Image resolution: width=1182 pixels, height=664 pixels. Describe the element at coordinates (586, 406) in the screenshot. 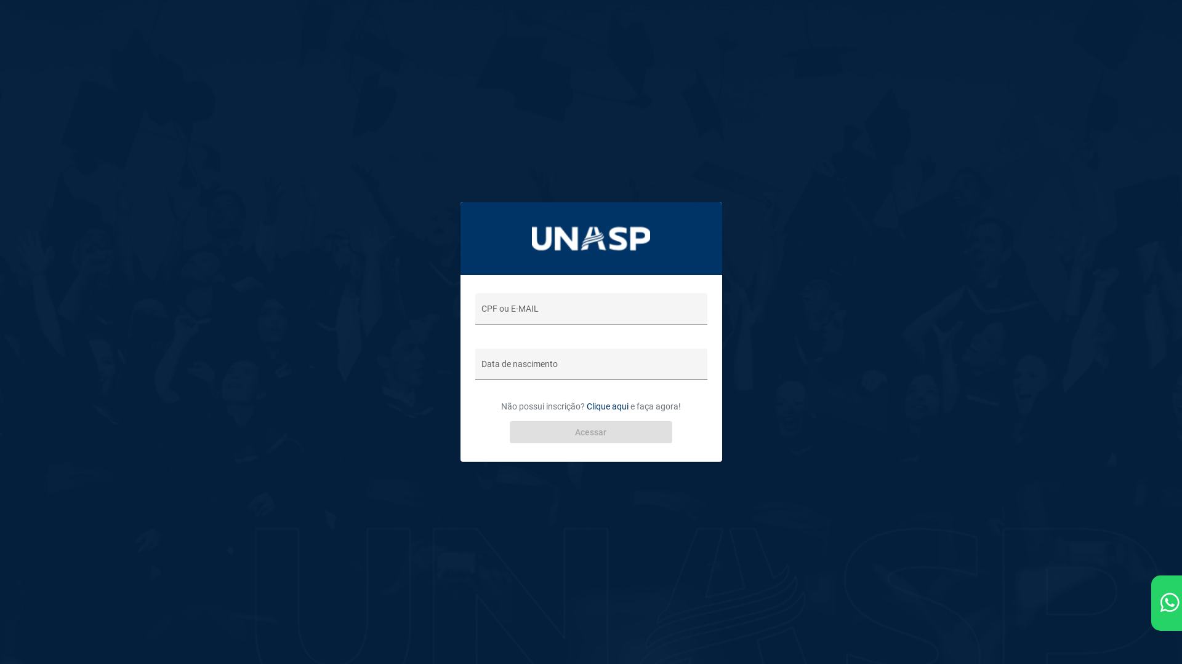

I see `'Clique aqui'` at that location.